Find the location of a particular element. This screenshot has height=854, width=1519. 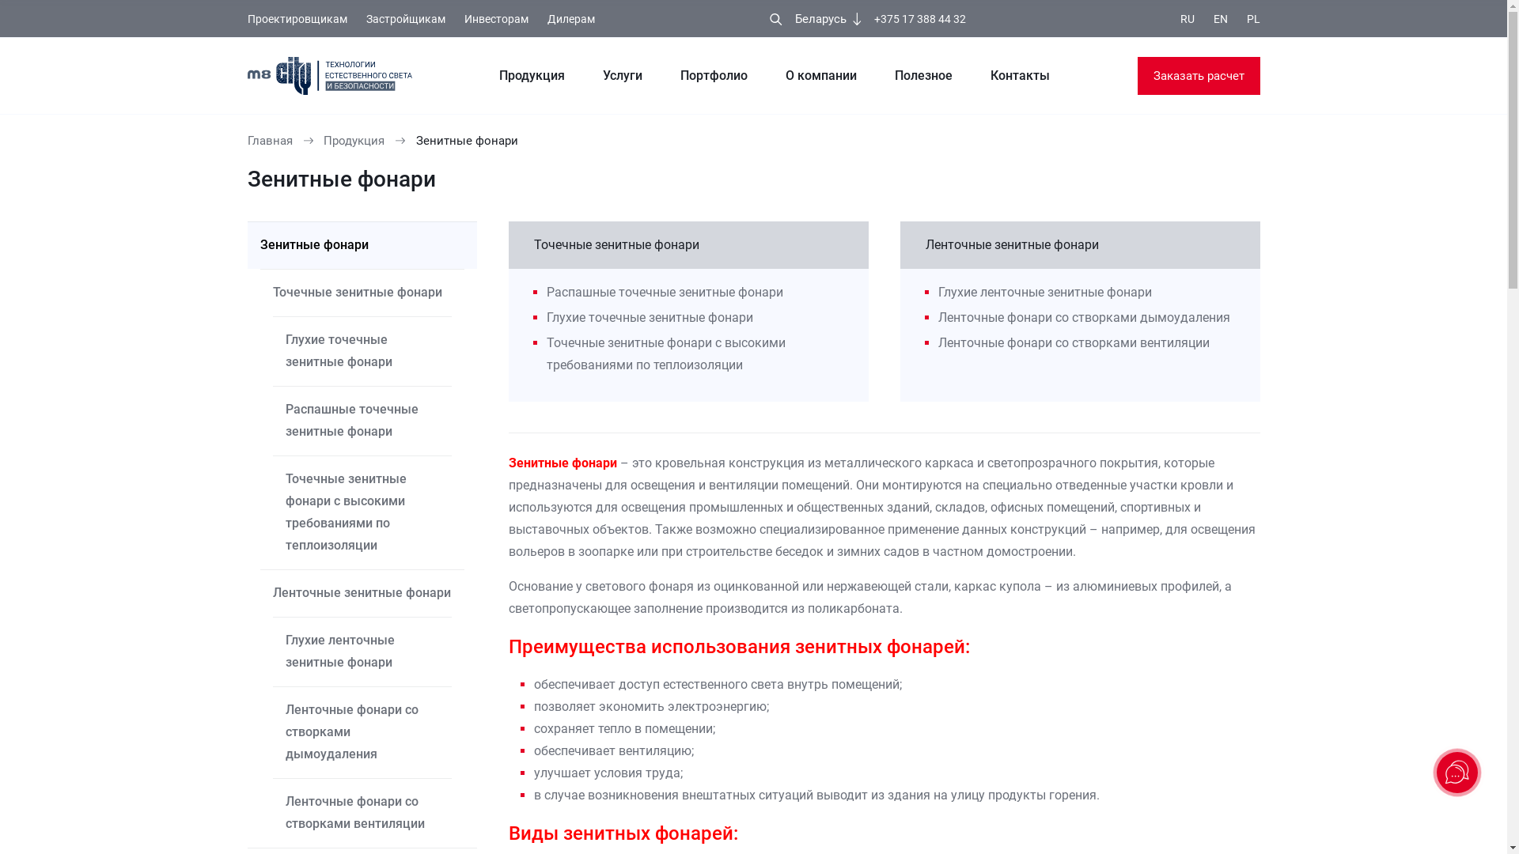

'+375 17 388 44 32' is located at coordinates (919, 19).